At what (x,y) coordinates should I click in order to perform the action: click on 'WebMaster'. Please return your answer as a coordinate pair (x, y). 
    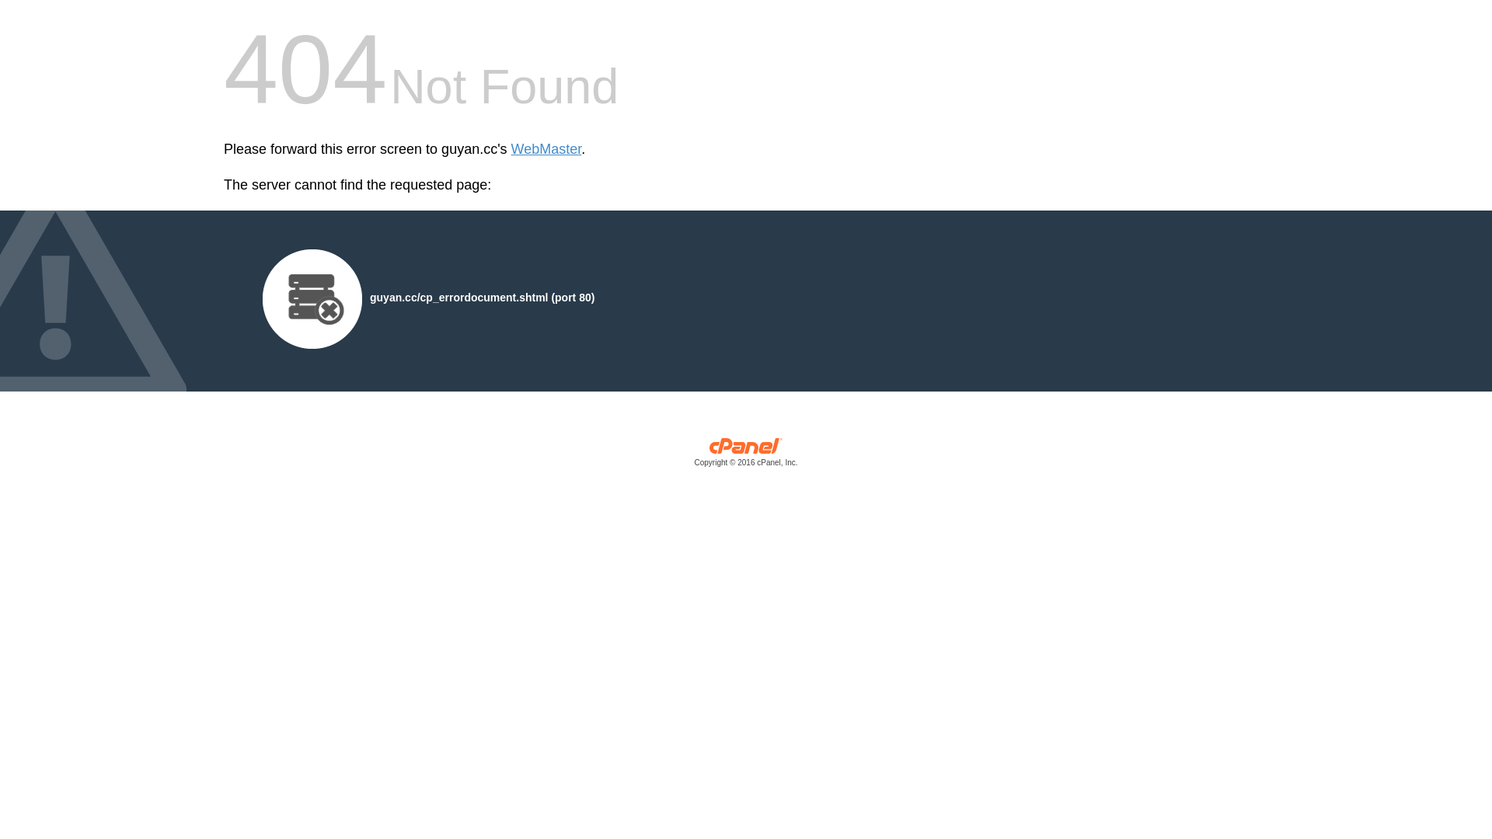
    Looking at the image, I should click on (546, 149).